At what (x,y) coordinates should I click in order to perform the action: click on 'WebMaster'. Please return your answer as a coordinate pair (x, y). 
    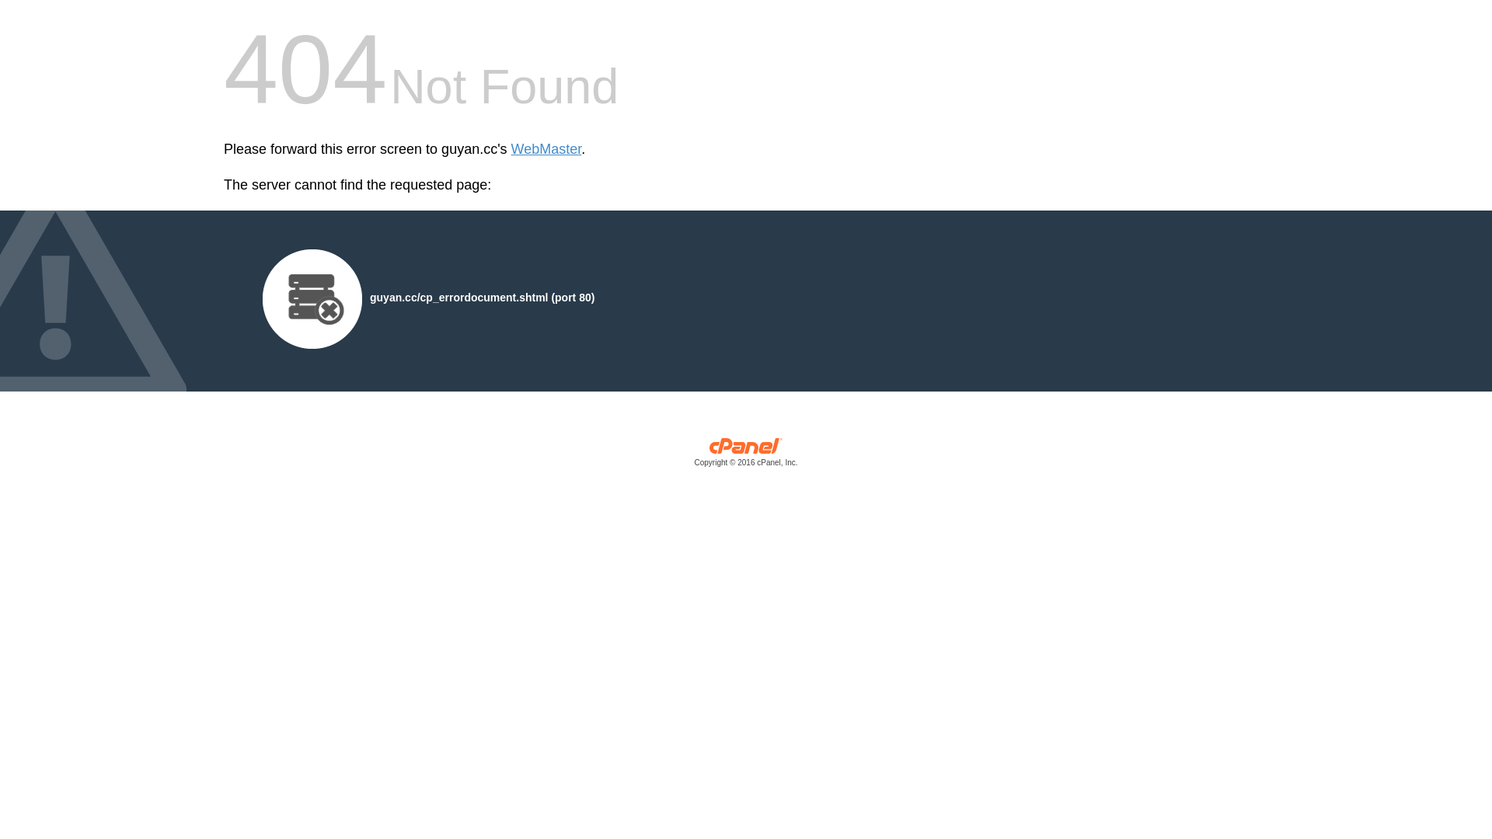
    Looking at the image, I should click on (546, 149).